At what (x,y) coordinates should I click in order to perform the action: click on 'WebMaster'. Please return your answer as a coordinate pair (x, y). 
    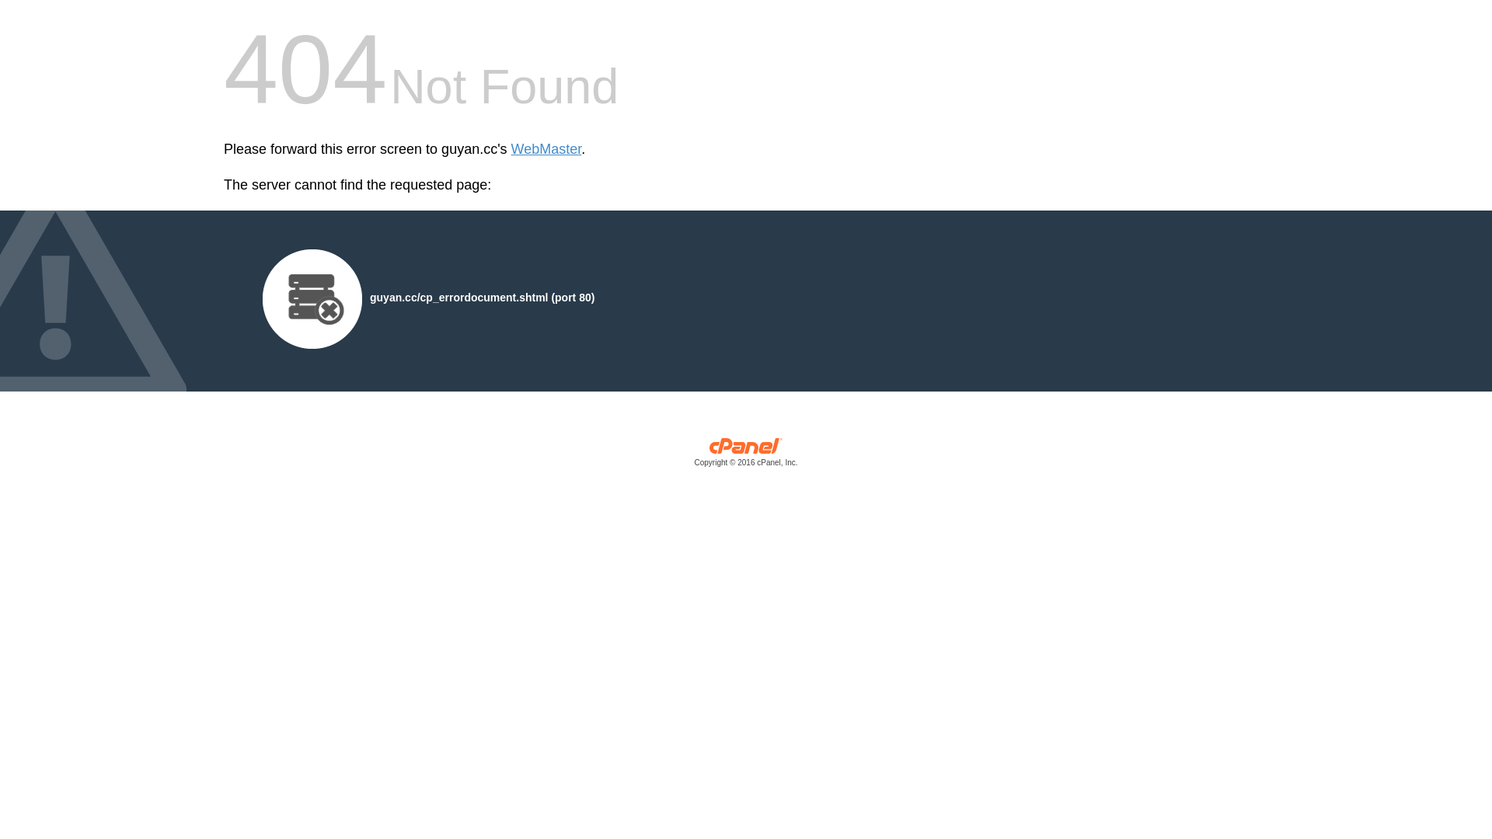
    Looking at the image, I should click on (546, 149).